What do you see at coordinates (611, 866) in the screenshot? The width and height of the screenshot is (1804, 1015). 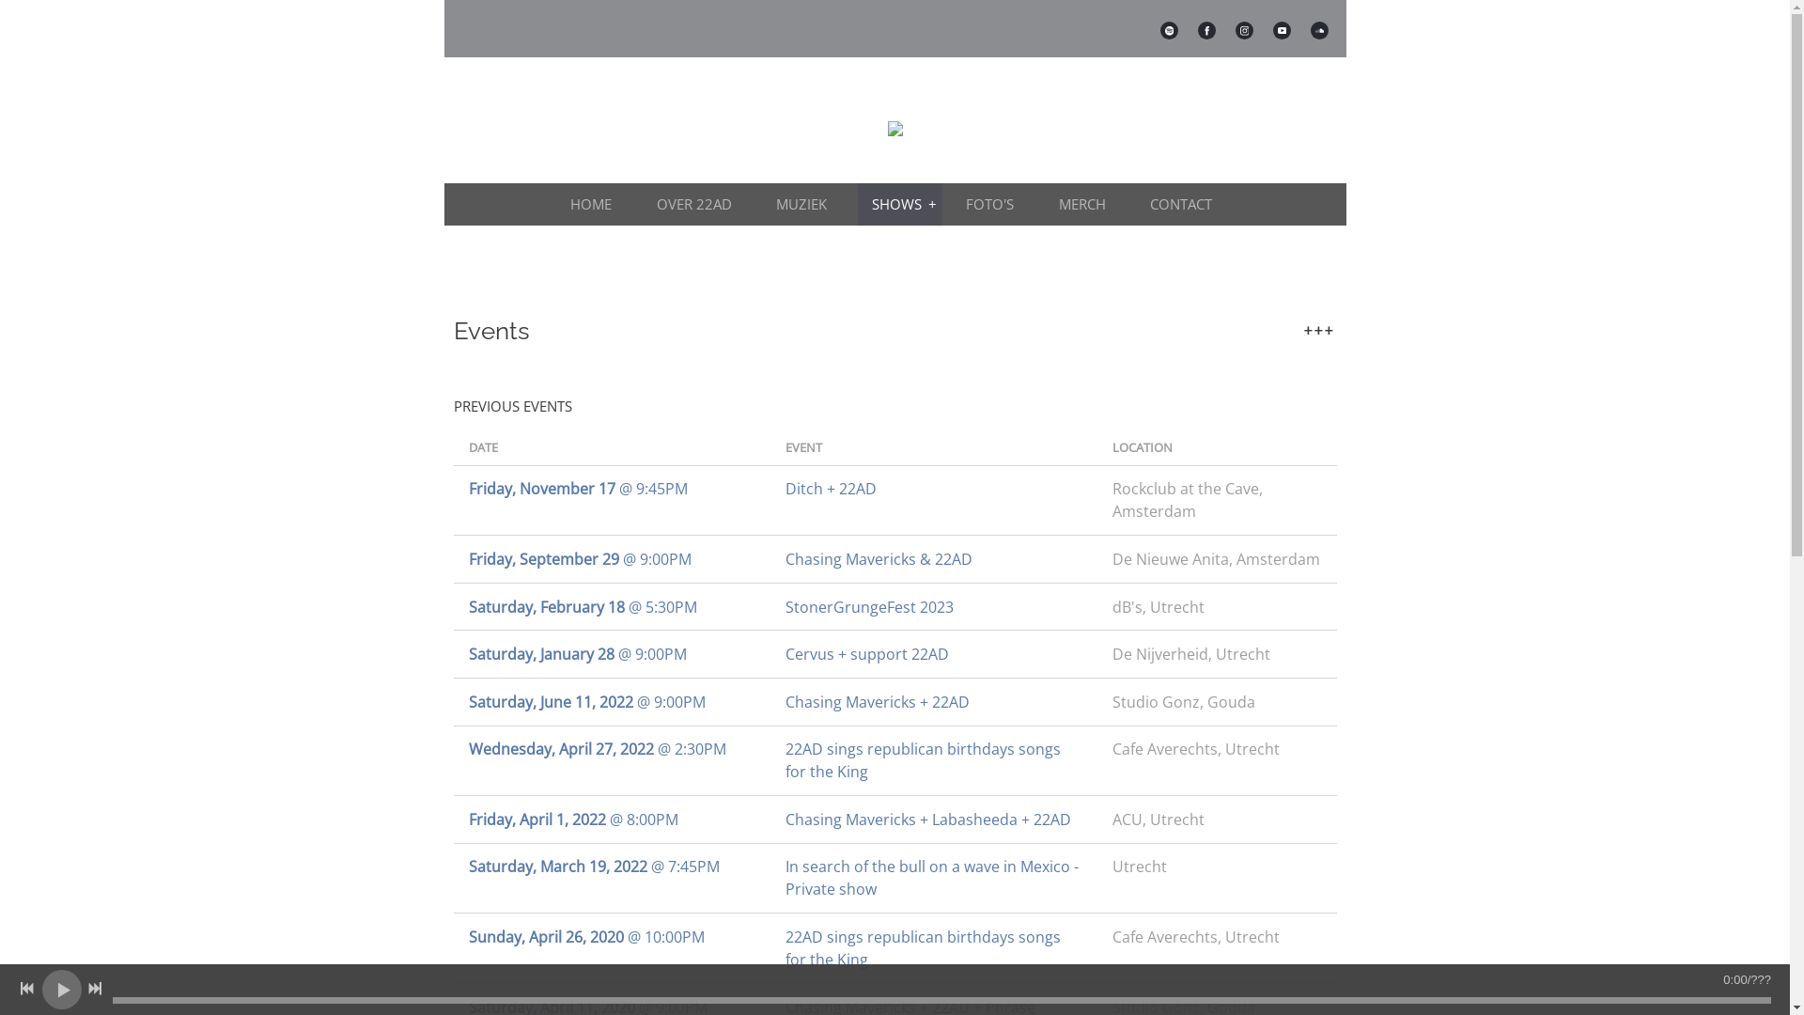 I see `'Saturday, March 19, 2022 @ 7:45PM'` at bounding box center [611, 866].